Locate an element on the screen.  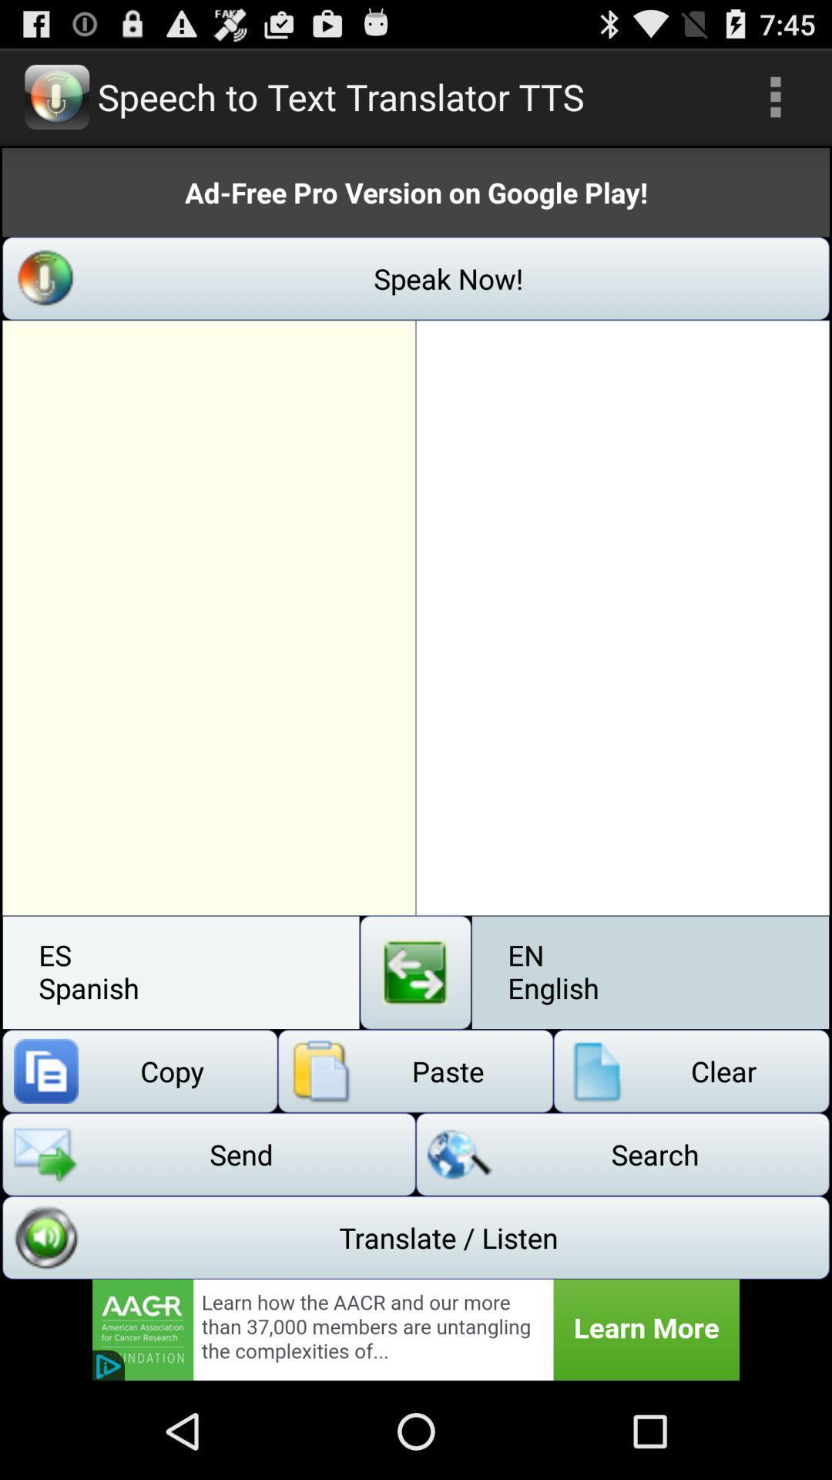
view advertizement is located at coordinates (416, 1329).